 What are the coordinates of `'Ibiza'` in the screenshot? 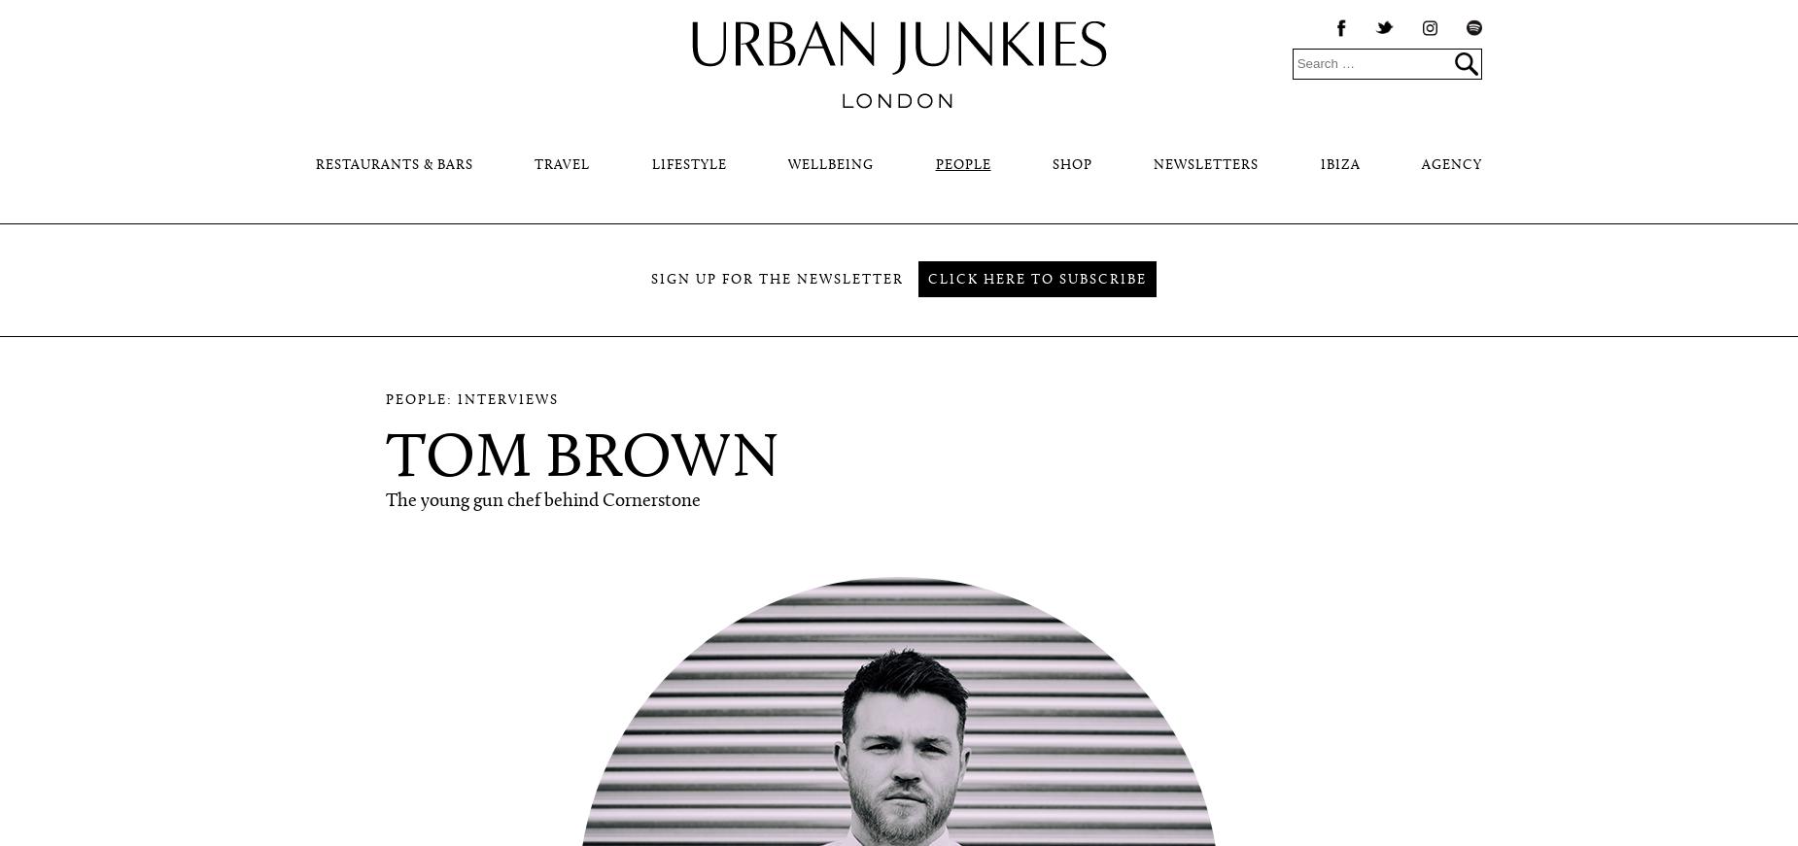 It's located at (1338, 165).